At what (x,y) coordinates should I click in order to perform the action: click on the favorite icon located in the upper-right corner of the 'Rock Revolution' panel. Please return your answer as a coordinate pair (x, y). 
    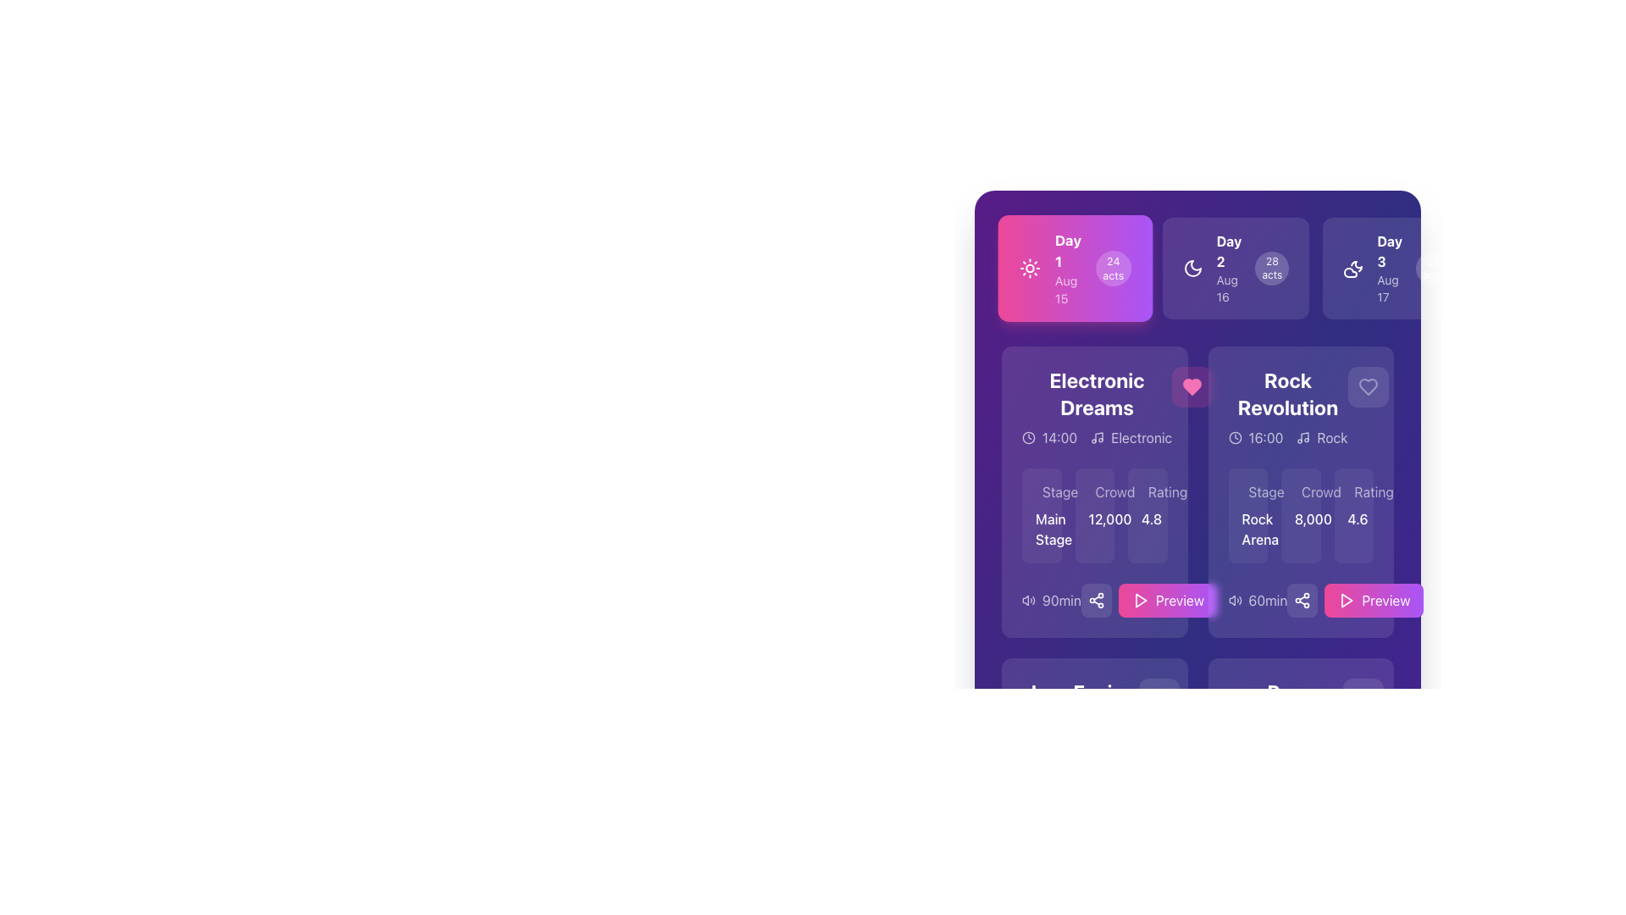
    Looking at the image, I should click on (1368, 386).